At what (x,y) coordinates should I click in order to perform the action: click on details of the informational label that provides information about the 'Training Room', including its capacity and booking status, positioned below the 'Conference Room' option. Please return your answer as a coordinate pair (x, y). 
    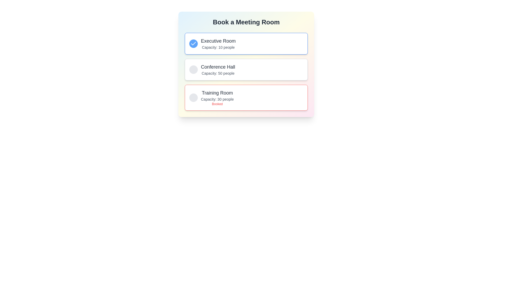
    Looking at the image, I should click on (217, 98).